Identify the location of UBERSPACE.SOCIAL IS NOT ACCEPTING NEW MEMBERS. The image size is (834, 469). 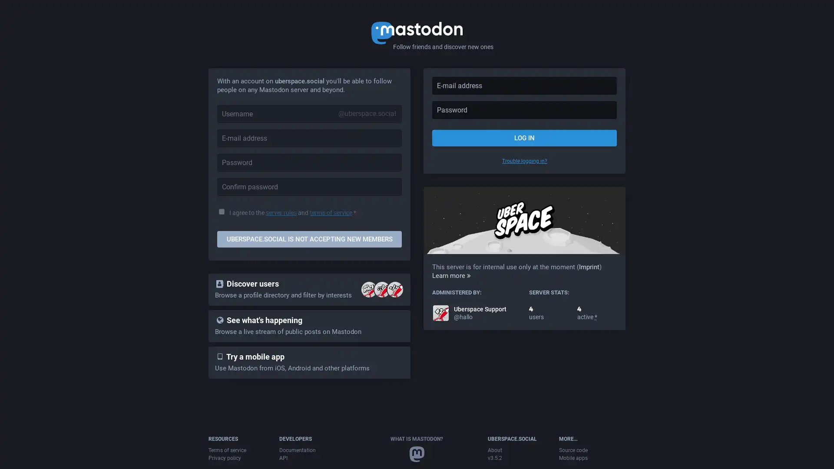
(309, 239).